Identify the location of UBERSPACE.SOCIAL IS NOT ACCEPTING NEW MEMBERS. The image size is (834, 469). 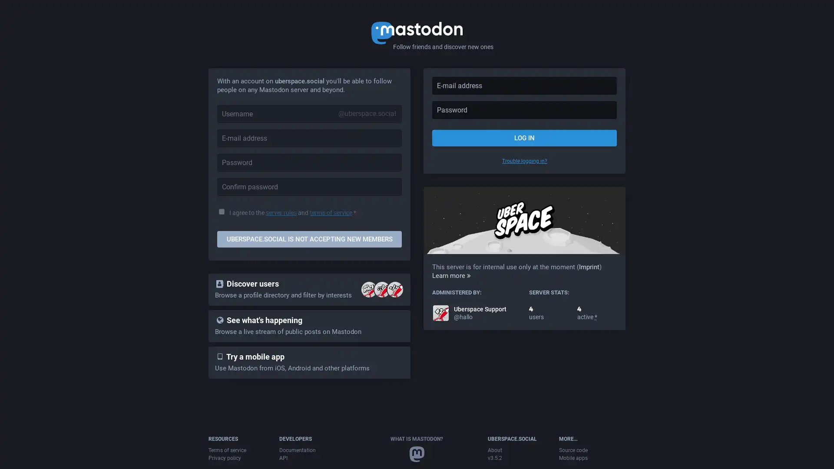
(309, 239).